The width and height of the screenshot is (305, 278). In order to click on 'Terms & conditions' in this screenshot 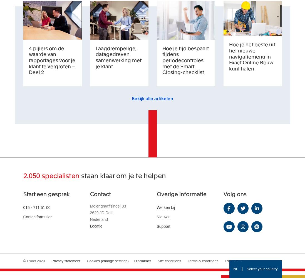, I will do `click(202, 260)`.